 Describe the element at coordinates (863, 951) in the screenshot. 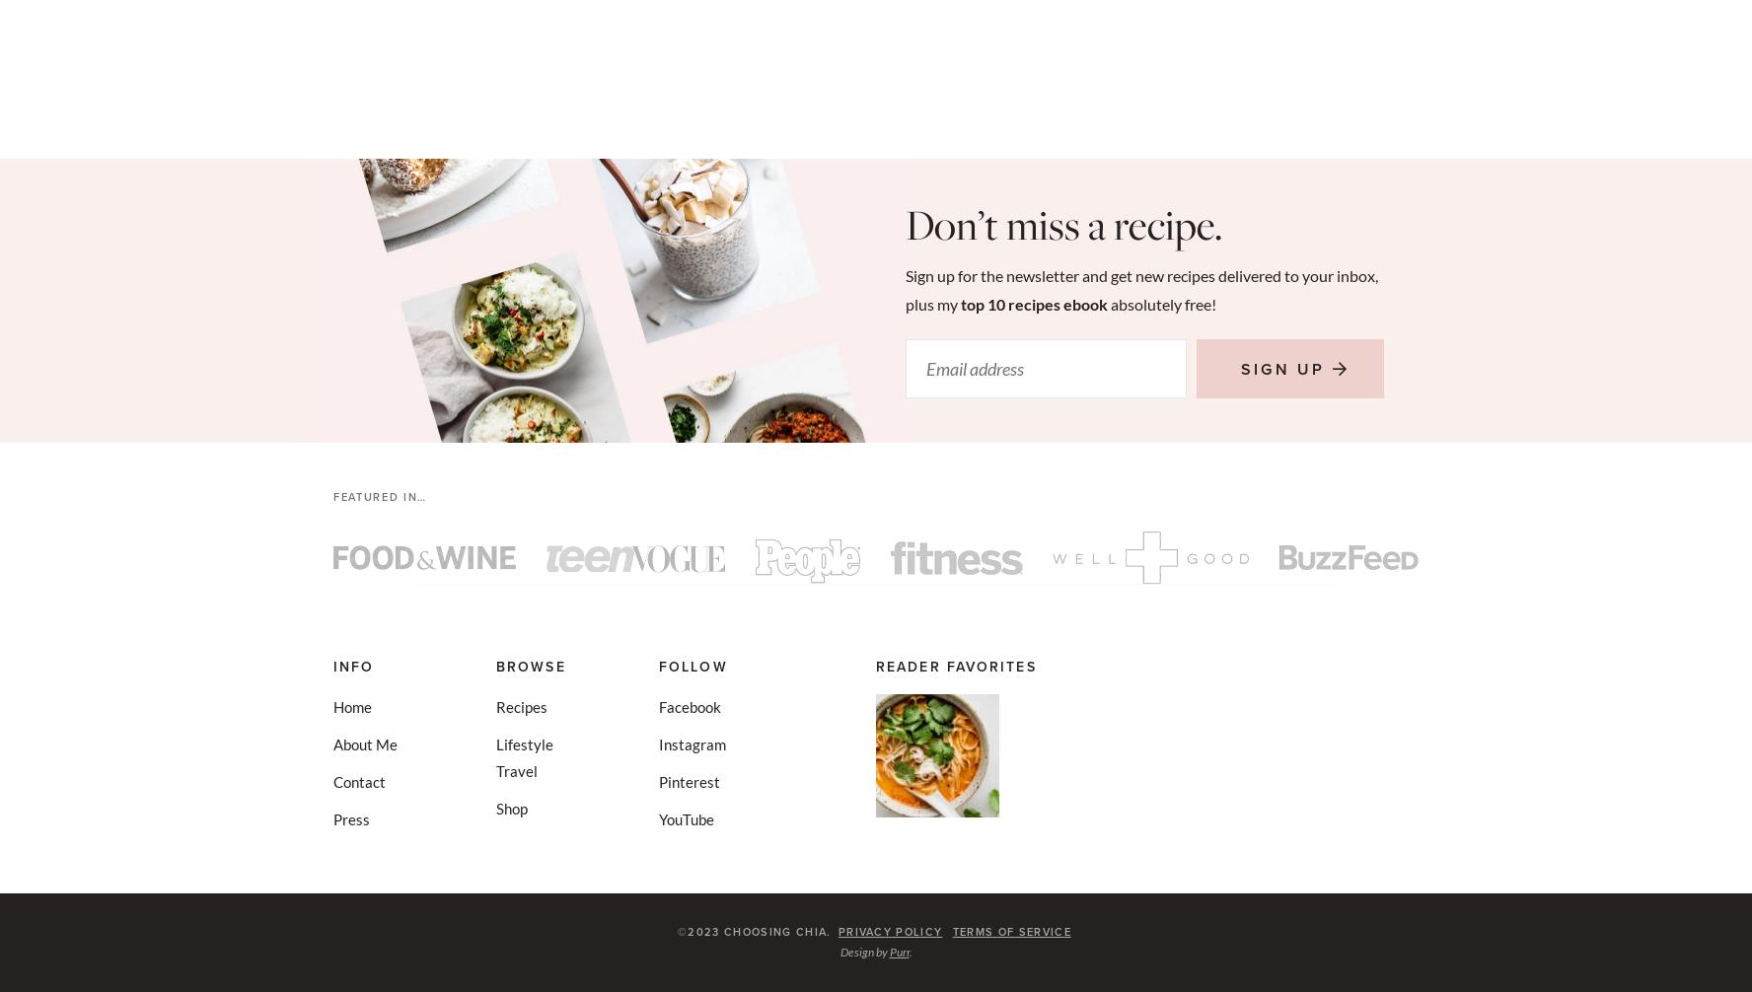

I see `'Design by'` at that location.